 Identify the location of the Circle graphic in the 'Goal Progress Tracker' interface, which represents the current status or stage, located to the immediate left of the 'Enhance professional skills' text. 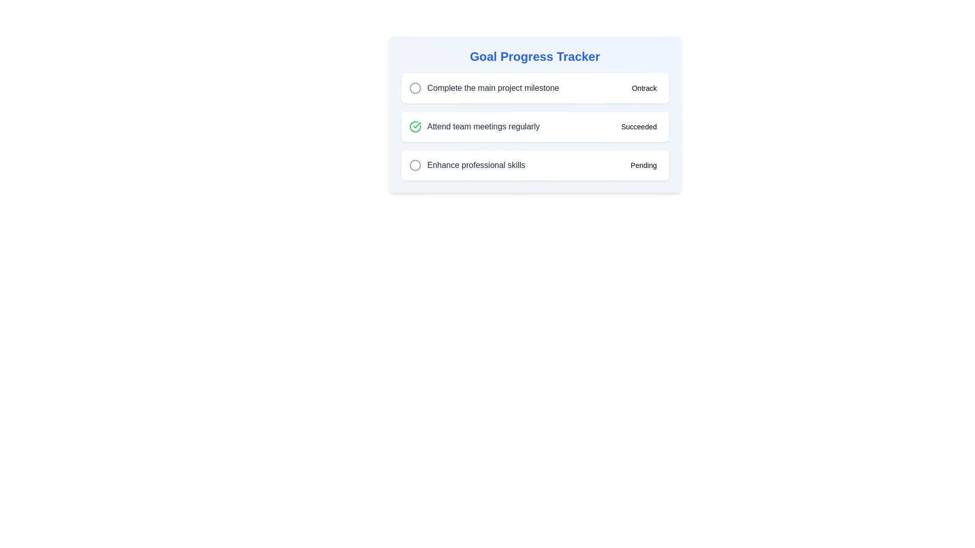
(415, 165).